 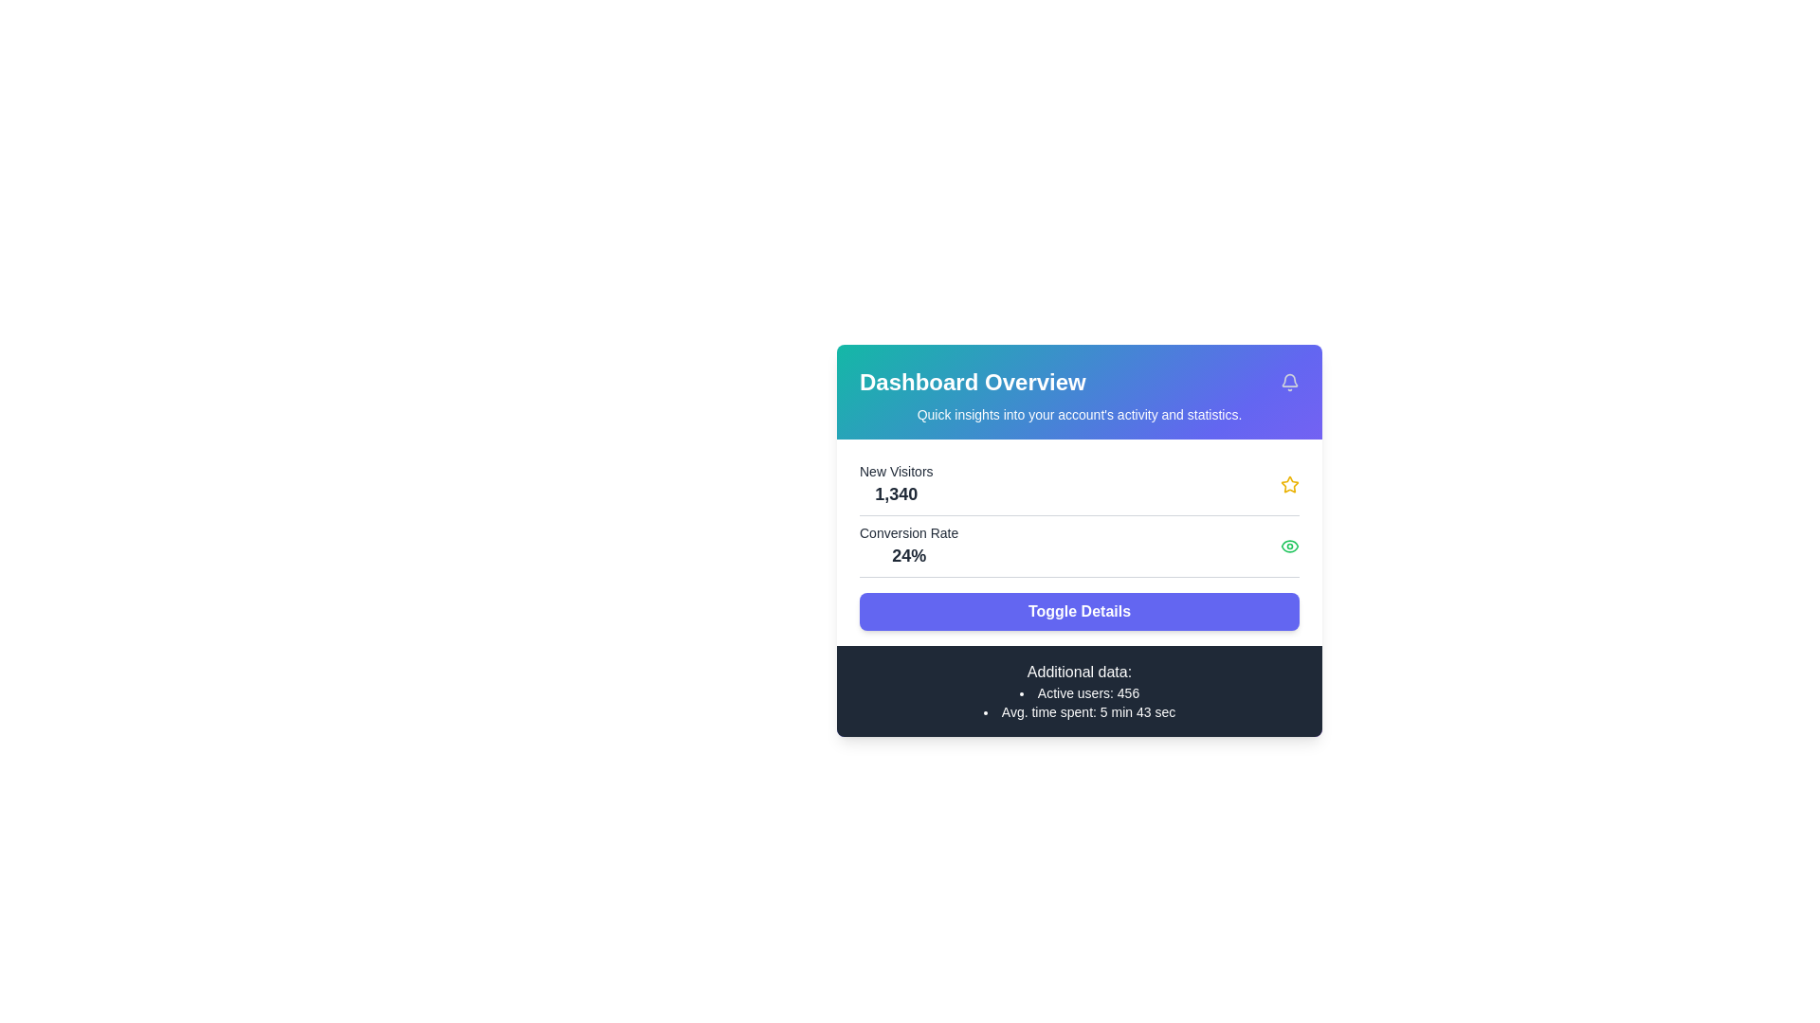 I want to click on the text element displaying the number of new visitors located in the top left corner of the card under the Dashboard Overview section, so click(x=895, y=484).